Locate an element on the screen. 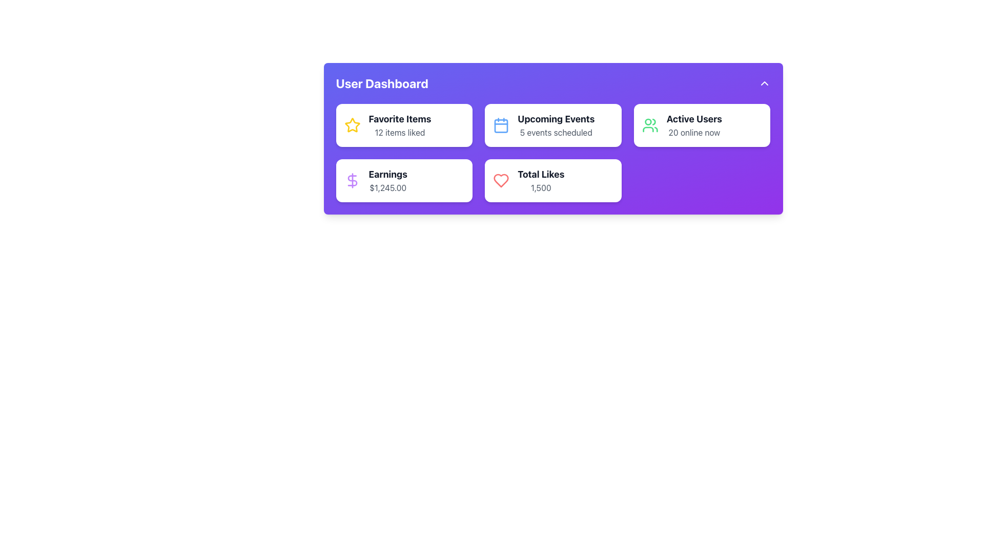 This screenshot has height=553, width=984. the Informational card that displays financial information on earnings, located in the second row of the grid layout, leftmost column, below the 'Favorite Items' card is located at coordinates (403, 180).